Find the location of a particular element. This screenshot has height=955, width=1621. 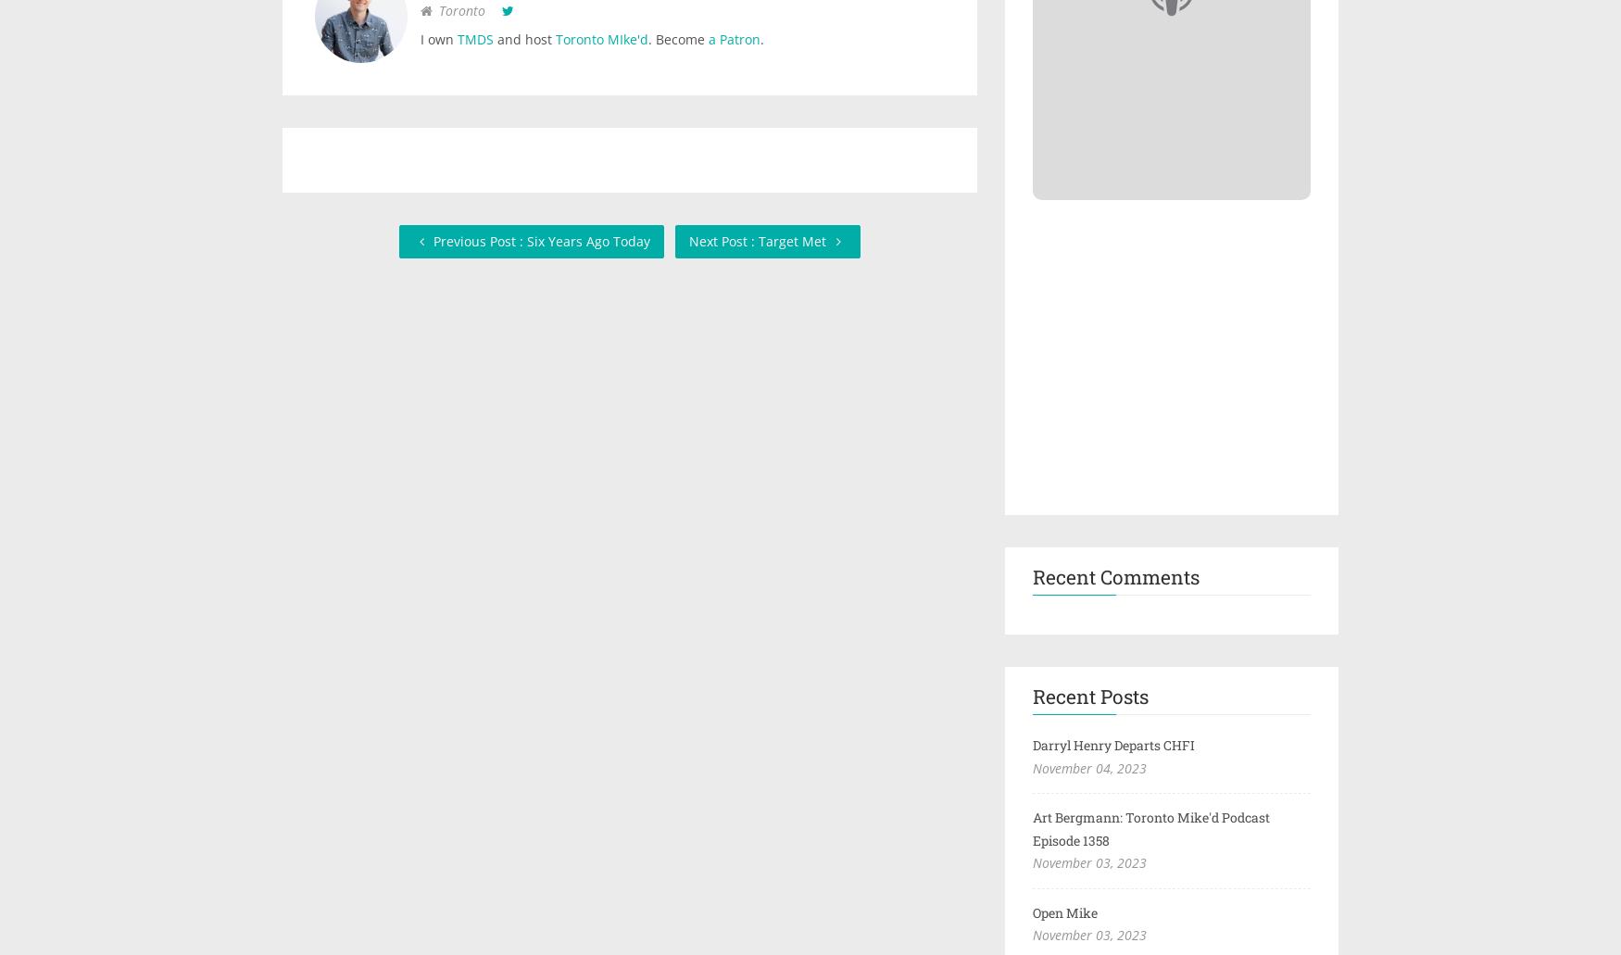

'and host' is located at coordinates (524, 39).